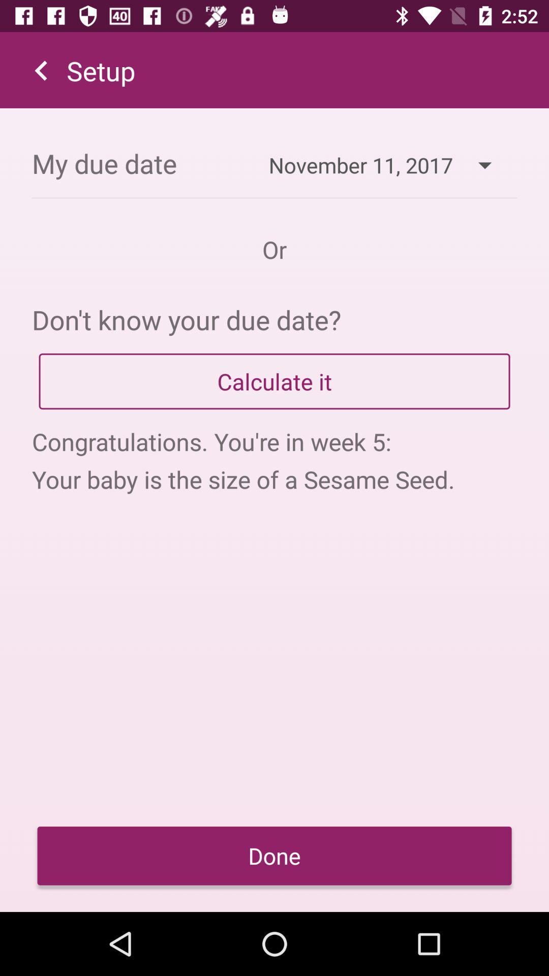 This screenshot has height=976, width=549. What do you see at coordinates (274, 855) in the screenshot?
I see `the item below the your baby is icon` at bounding box center [274, 855].